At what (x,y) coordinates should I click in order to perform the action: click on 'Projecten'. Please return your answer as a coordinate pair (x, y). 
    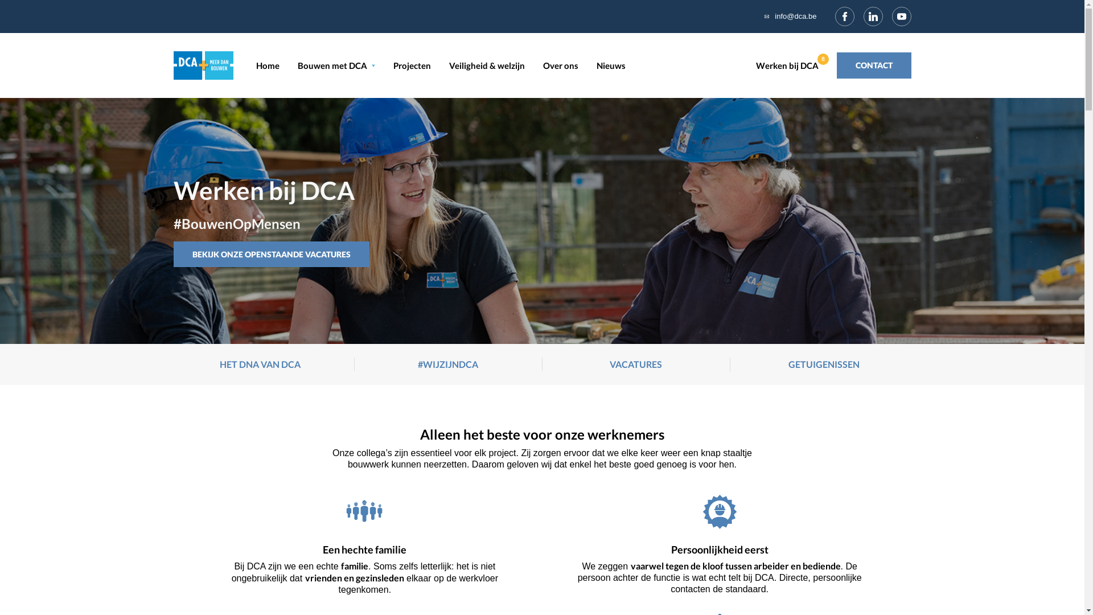
    Looking at the image, I should click on (411, 65).